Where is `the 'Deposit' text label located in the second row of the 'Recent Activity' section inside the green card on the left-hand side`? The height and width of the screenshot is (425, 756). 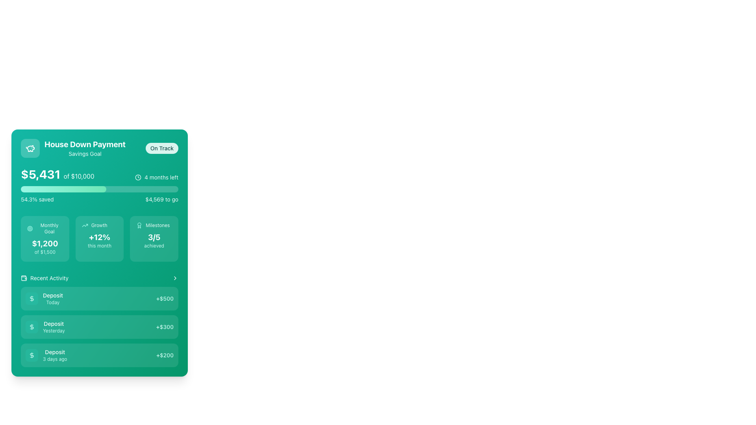
the 'Deposit' text label located in the second row of the 'Recent Activity' section inside the green card on the left-hand side is located at coordinates (53, 323).